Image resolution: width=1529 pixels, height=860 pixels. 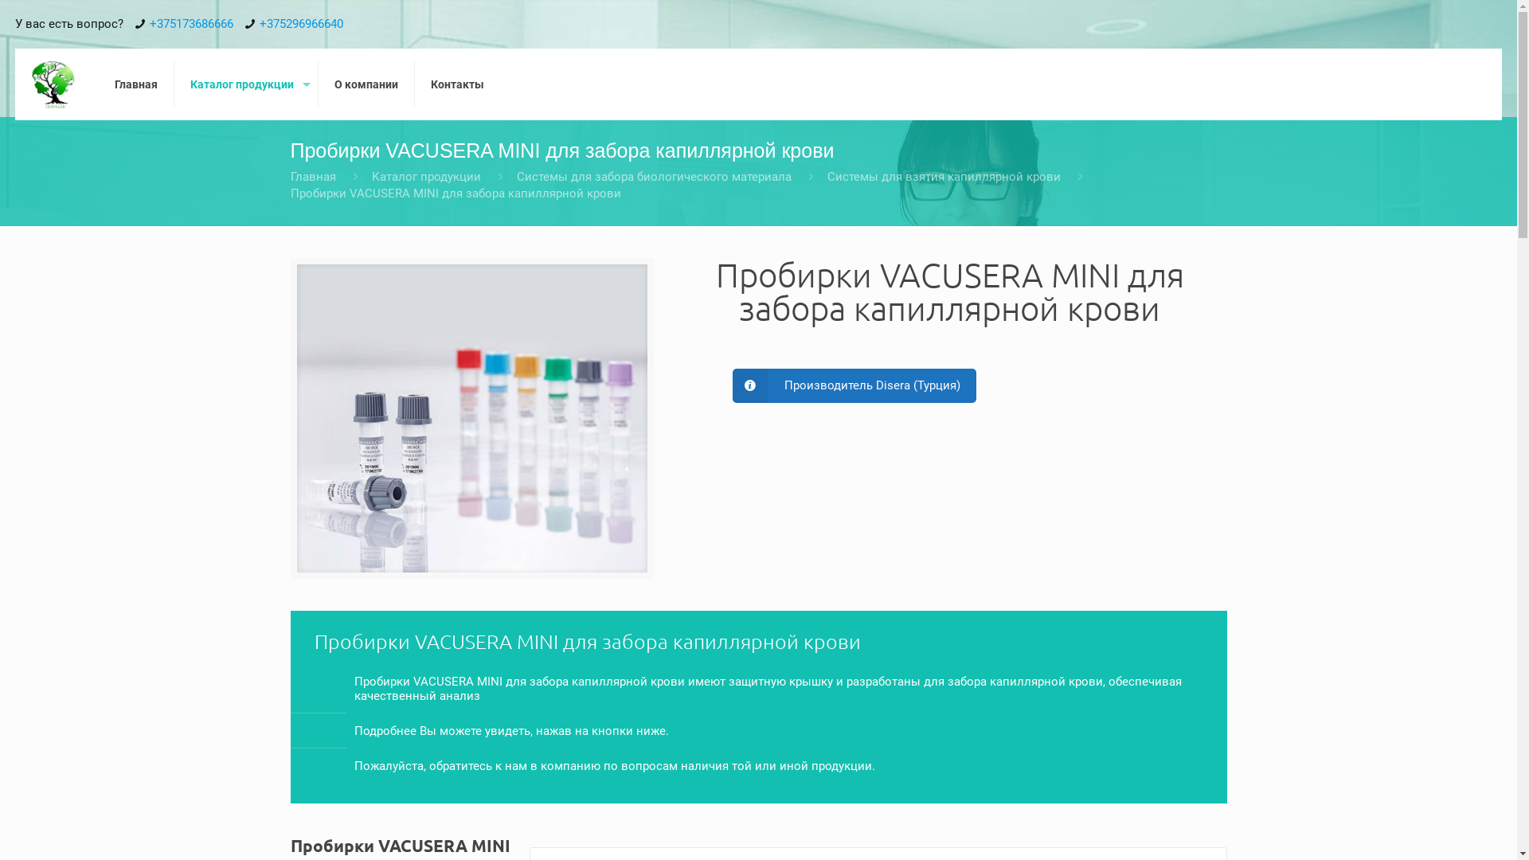 What do you see at coordinates (191, 24) in the screenshot?
I see `'+375173686666'` at bounding box center [191, 24].